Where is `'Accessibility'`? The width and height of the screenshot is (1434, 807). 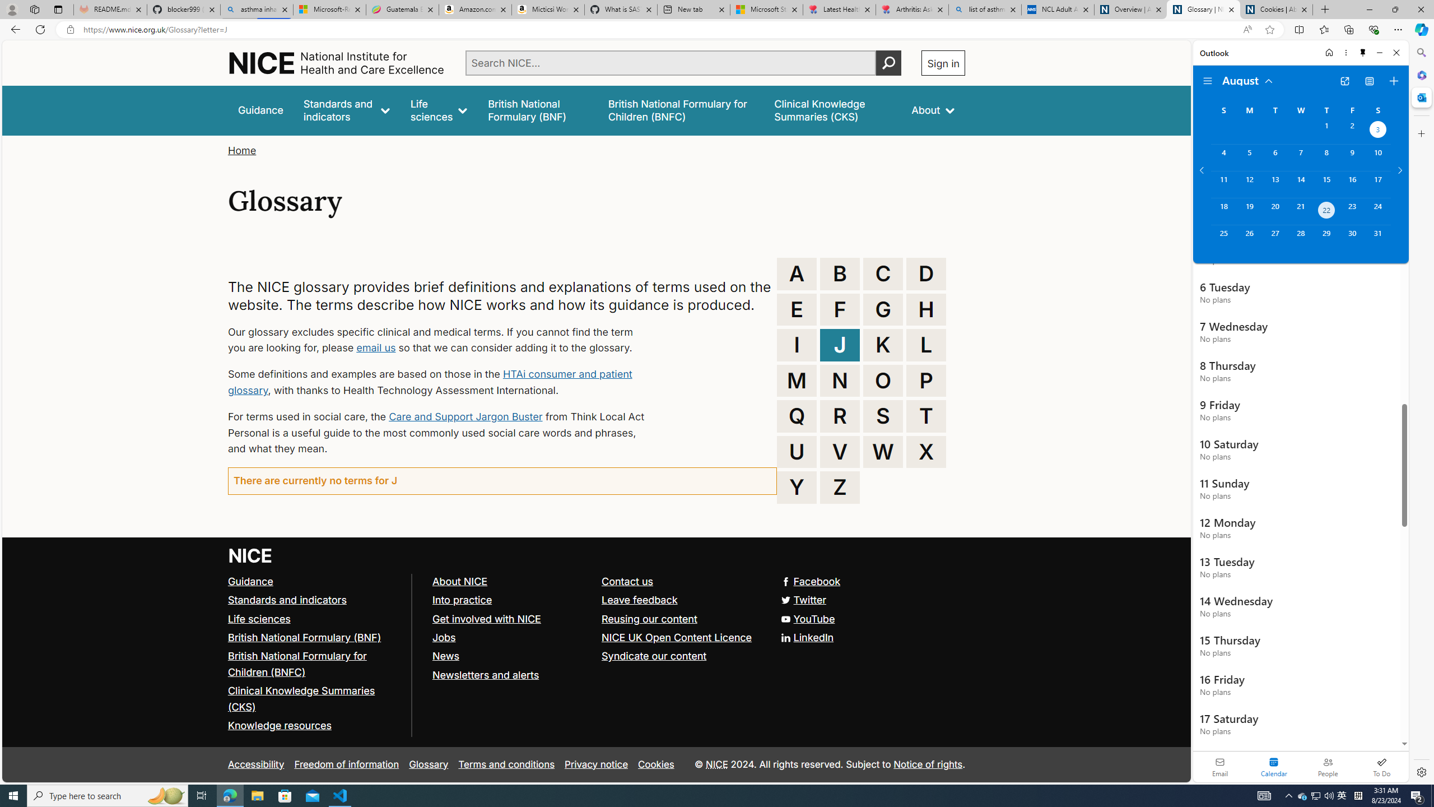 'Accessibility' is located at coordinates (255, 764).